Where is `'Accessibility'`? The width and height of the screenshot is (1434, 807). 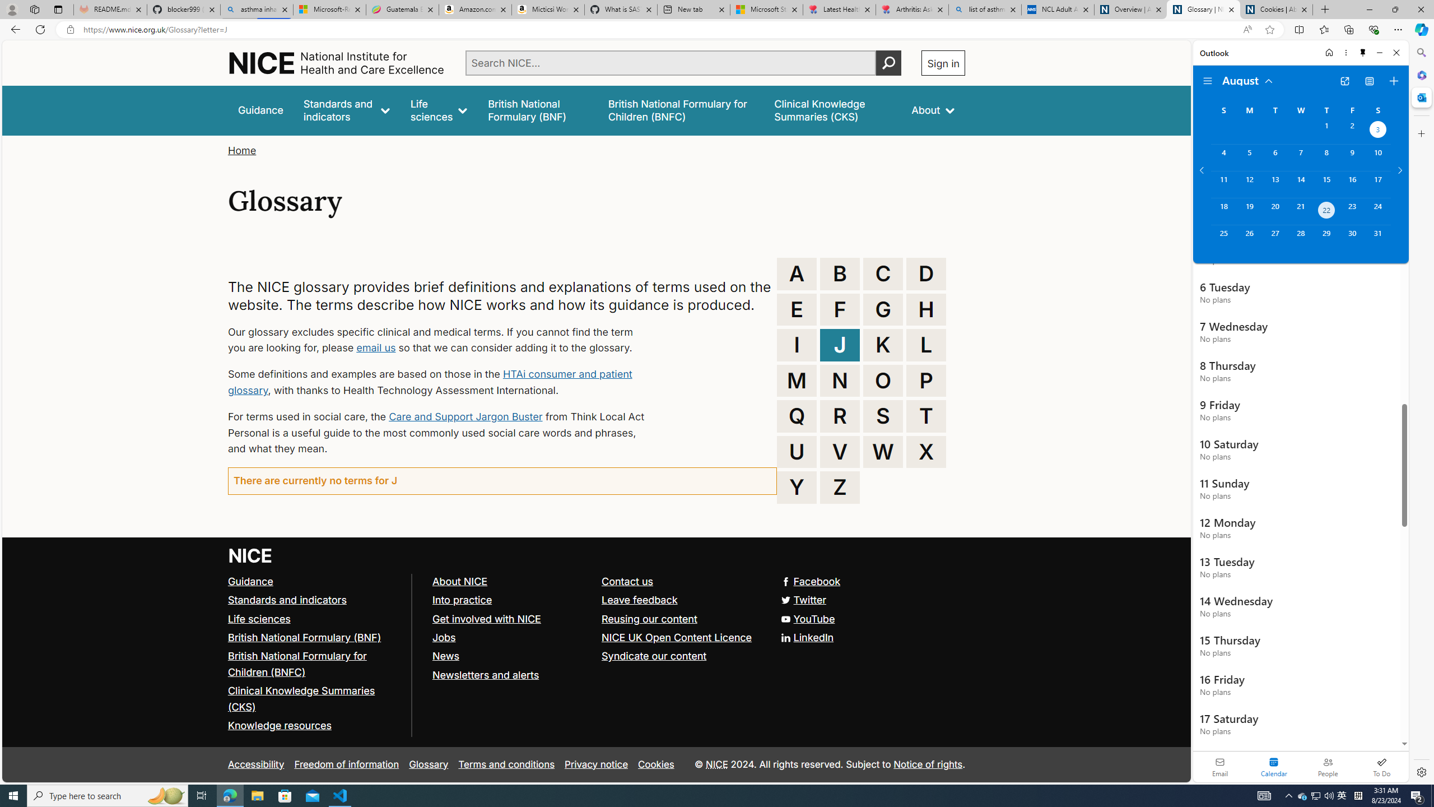 'Accessibility' is located at coordinates (255, 764).